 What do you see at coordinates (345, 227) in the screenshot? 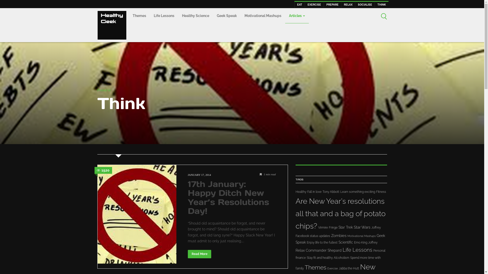
I see `'Star Trek'` at bounding box center [345, 227].